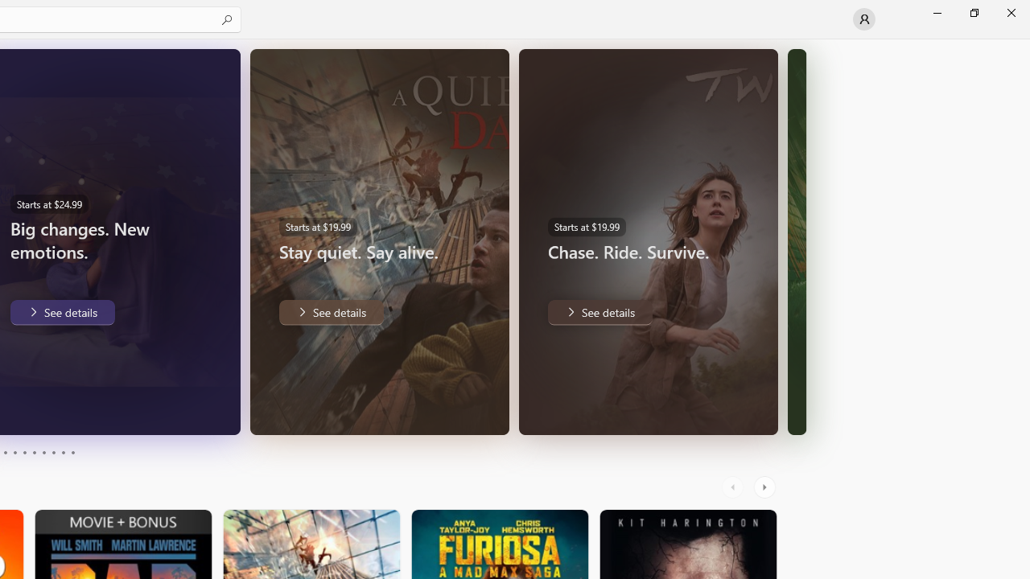 The height and width of the screenshot is (579, 1030). Describe the element at coordinates (863, 19) in the screenshot. I see `'User profile'` at that location.